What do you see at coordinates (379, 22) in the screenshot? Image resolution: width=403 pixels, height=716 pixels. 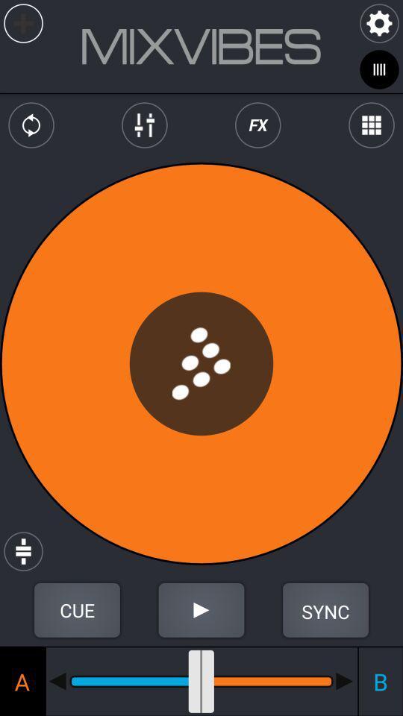 I see `settings` at bounding box center [379, 22].